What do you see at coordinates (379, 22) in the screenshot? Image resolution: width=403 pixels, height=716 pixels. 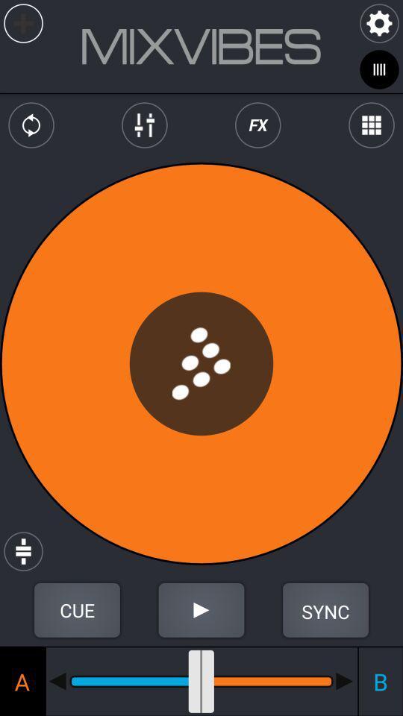 I see `settings` at bounding box center [379, 22].